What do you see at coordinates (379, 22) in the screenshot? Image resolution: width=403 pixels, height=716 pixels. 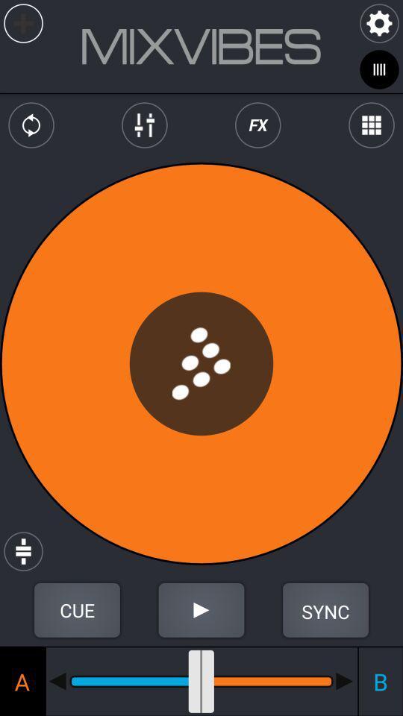 I see `settings` at bounding box center [379, 22].